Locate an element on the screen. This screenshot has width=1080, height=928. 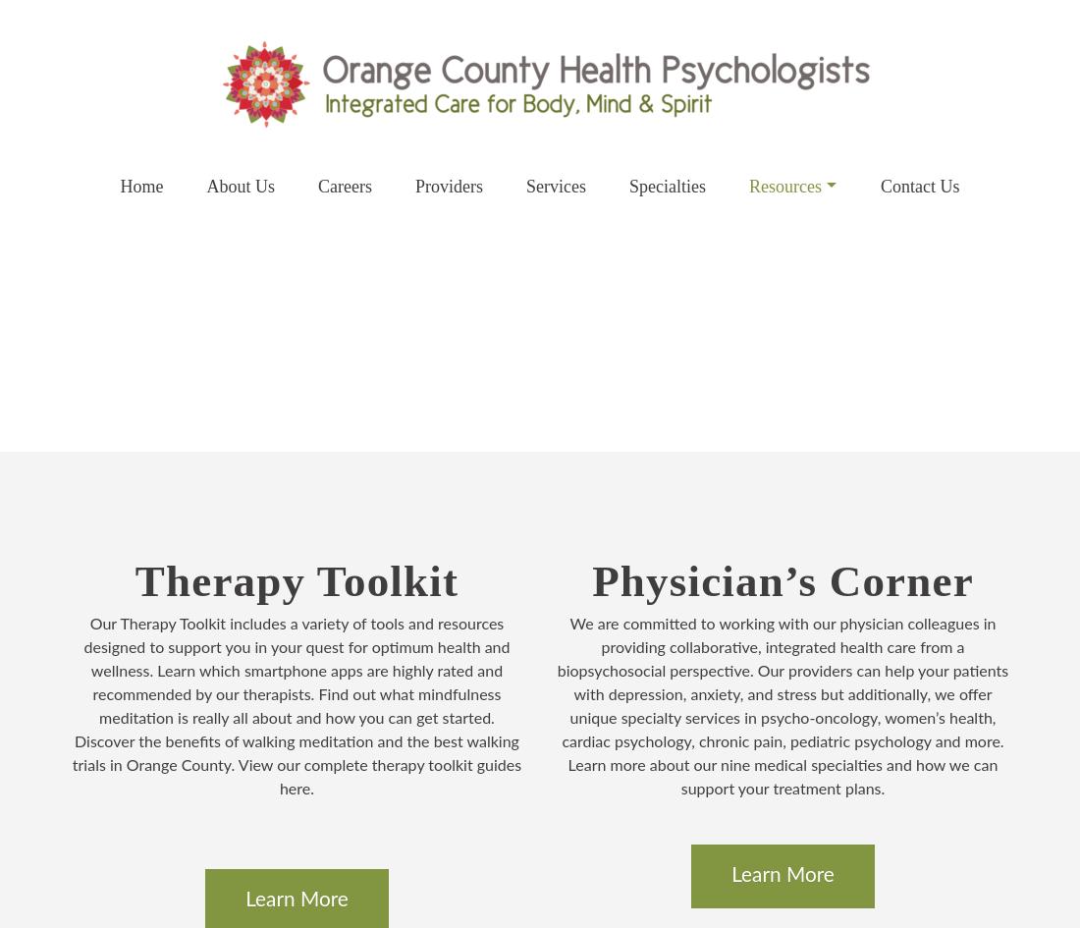
'Physician’s Corner' is located at coordinates (782, 581).